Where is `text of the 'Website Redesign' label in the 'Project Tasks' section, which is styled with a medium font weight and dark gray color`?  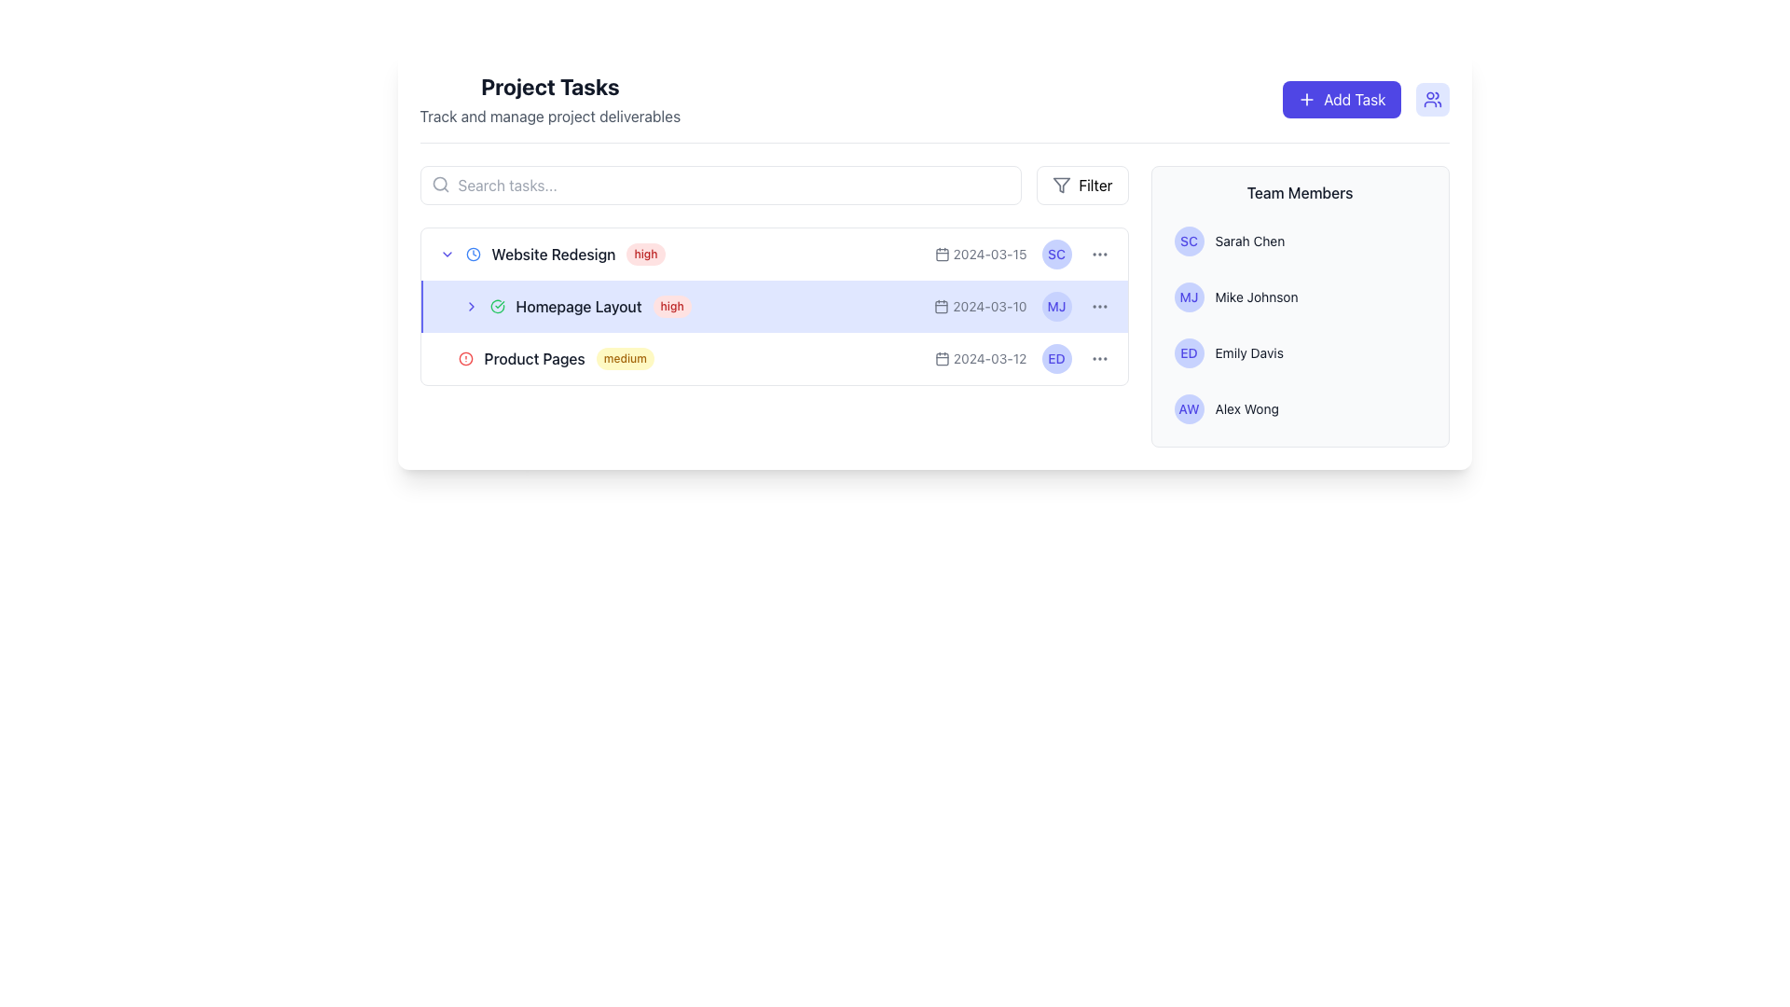
text of the 'Website Redesign' label in the 'Project Tasks' section, which is styled with a medium font weight and dark gray color is located at coordinates (553, 255).